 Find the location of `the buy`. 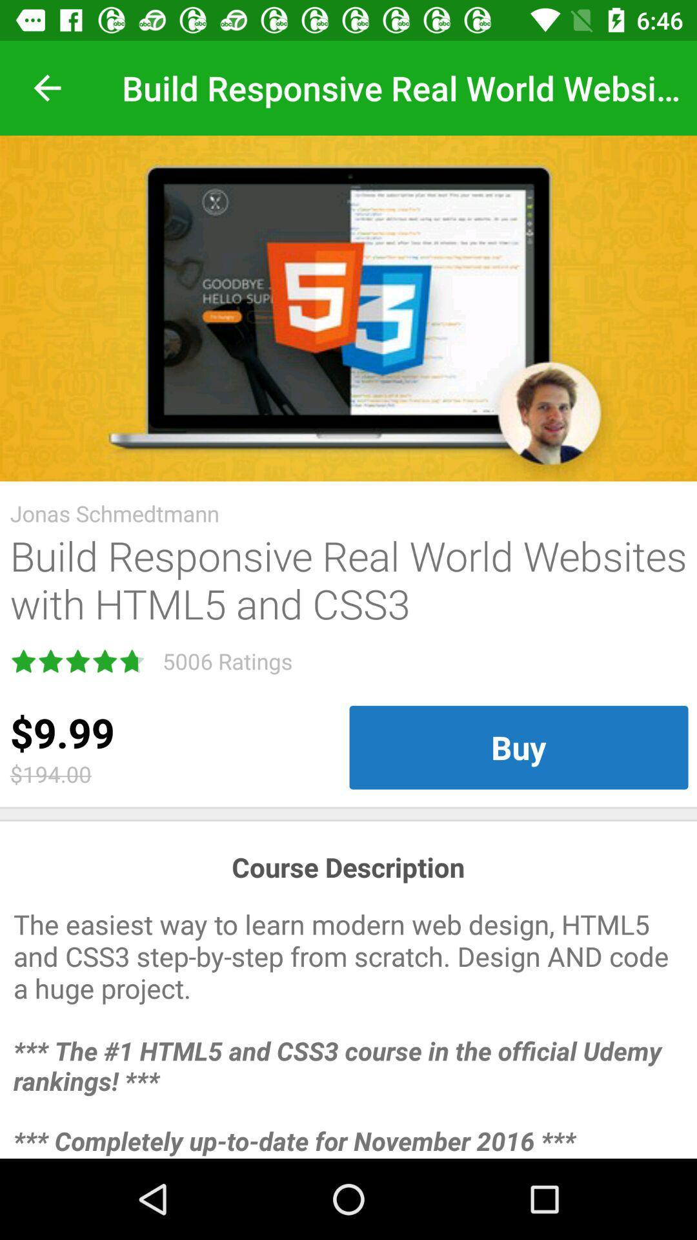

the buy is located at coordinates (518, 747).